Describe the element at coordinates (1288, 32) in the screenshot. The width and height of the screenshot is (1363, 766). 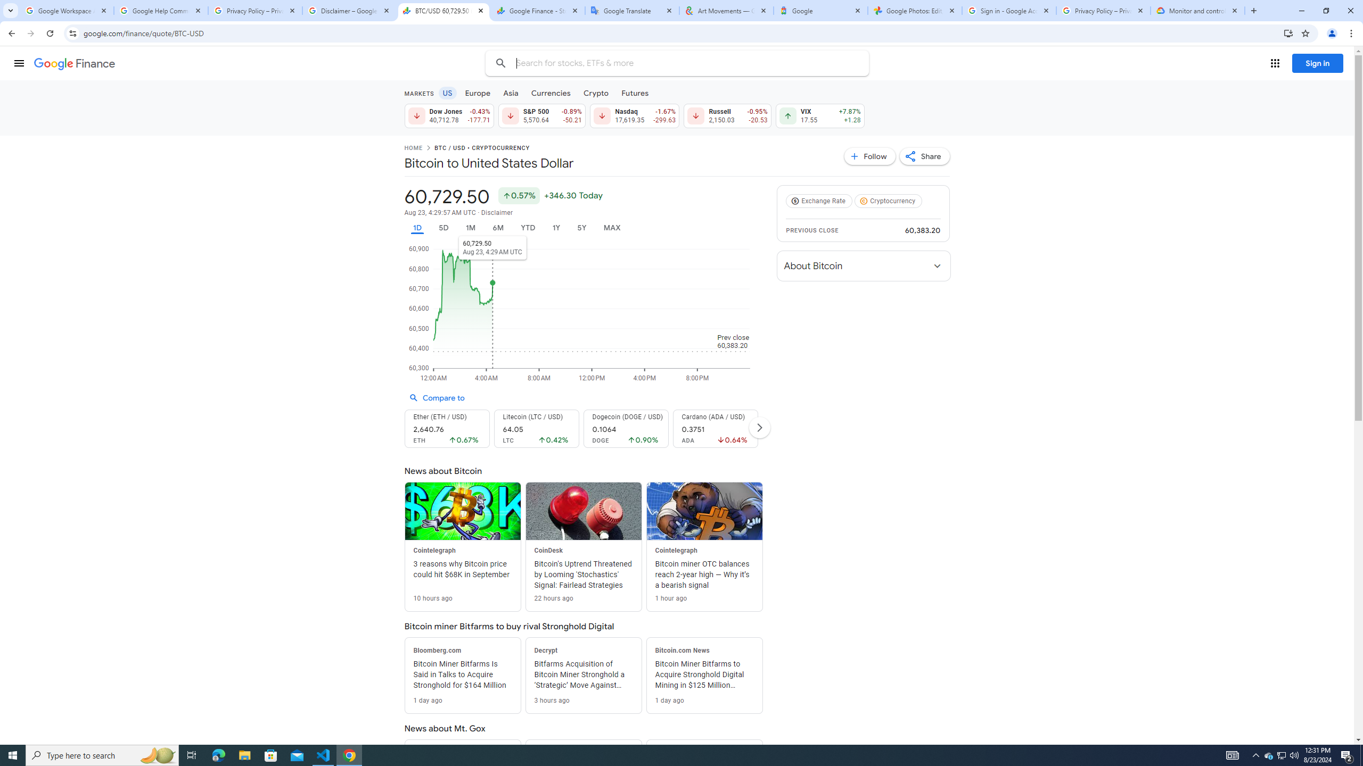
I see `'Install Google Finance'` at that location.